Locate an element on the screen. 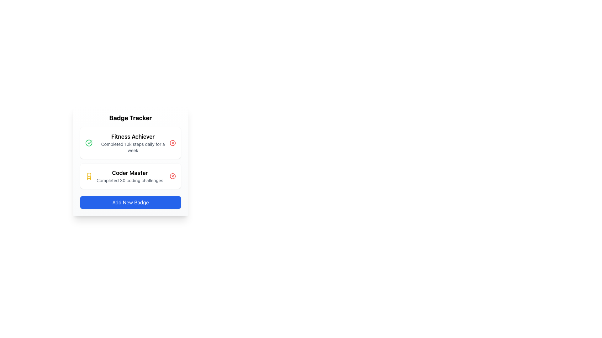 The height and width of the screenshot is (338, 602). the green circular checkmark icon located at the top-left corner of the 'Fitness Achiever' badge description in the 'Badge Tracker' component, which is positioned left of the text 'Fitness Achiever' is located at coordinates (88, 143).